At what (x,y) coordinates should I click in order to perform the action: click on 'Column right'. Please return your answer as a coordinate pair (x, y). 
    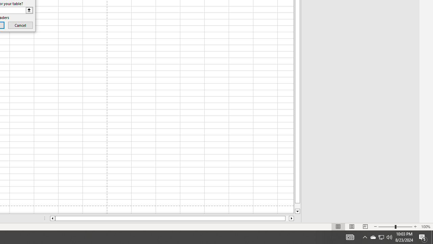
    Looking at the image, I should click on (292, 218).